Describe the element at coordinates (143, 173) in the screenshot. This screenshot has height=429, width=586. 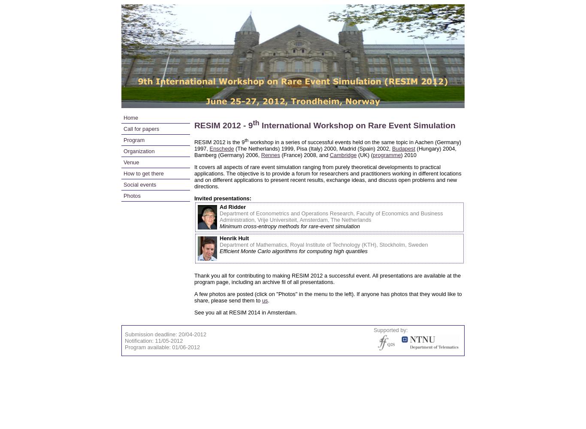
I see `'How to get there'` at that location.